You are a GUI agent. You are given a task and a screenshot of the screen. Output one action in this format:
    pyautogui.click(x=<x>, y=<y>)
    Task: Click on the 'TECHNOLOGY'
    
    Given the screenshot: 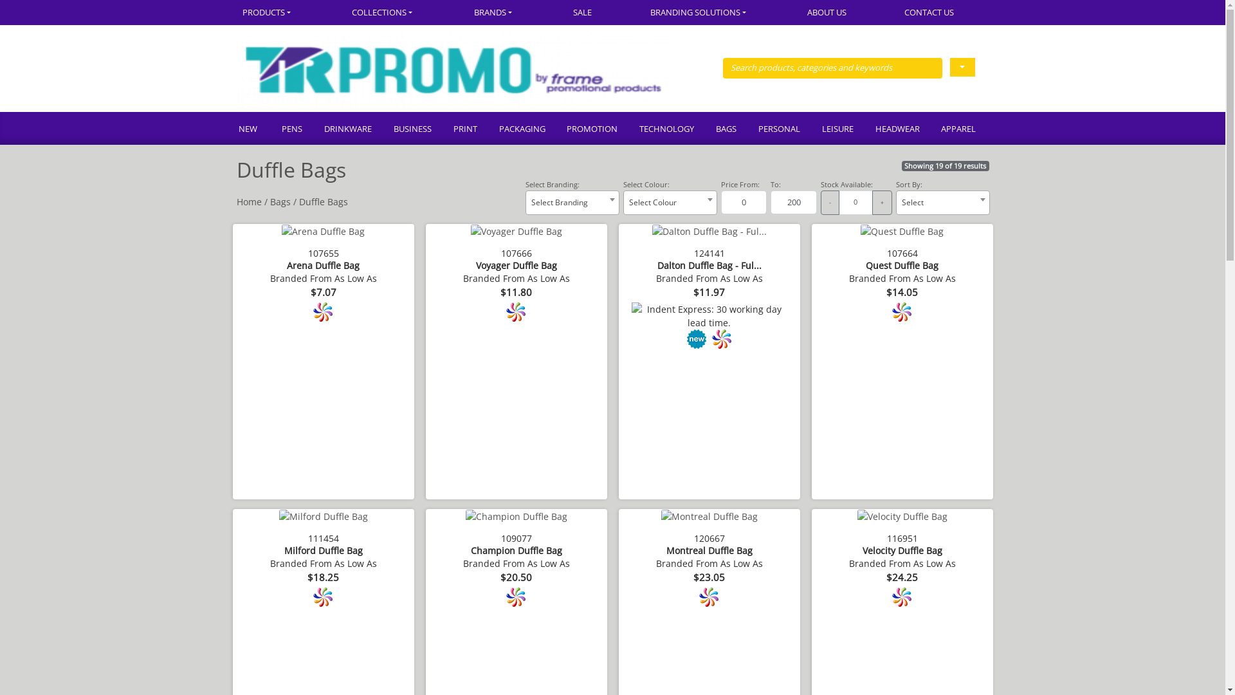 What is the action you would take?
    pyautogui.click(x=666, y=129)
    